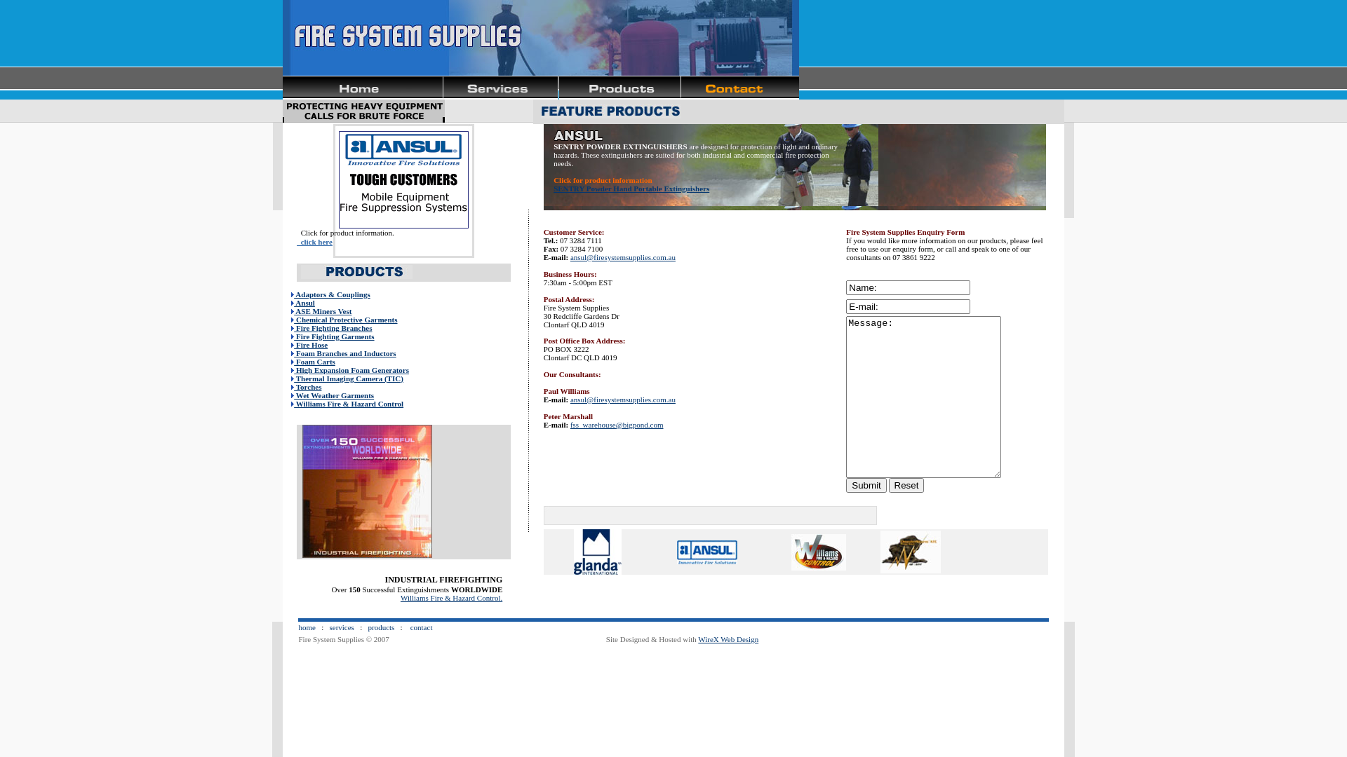 The image size is (1347, 757). Describe the element at coordinates (344, 319) in the screenshot. I see `' Chemical Protective Garments'` at that location.